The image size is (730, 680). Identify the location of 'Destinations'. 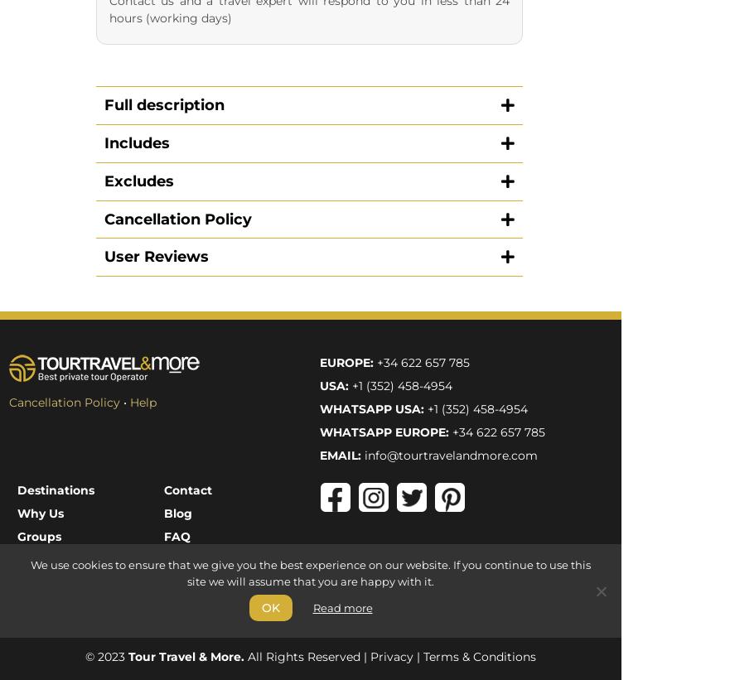
(16, 148).